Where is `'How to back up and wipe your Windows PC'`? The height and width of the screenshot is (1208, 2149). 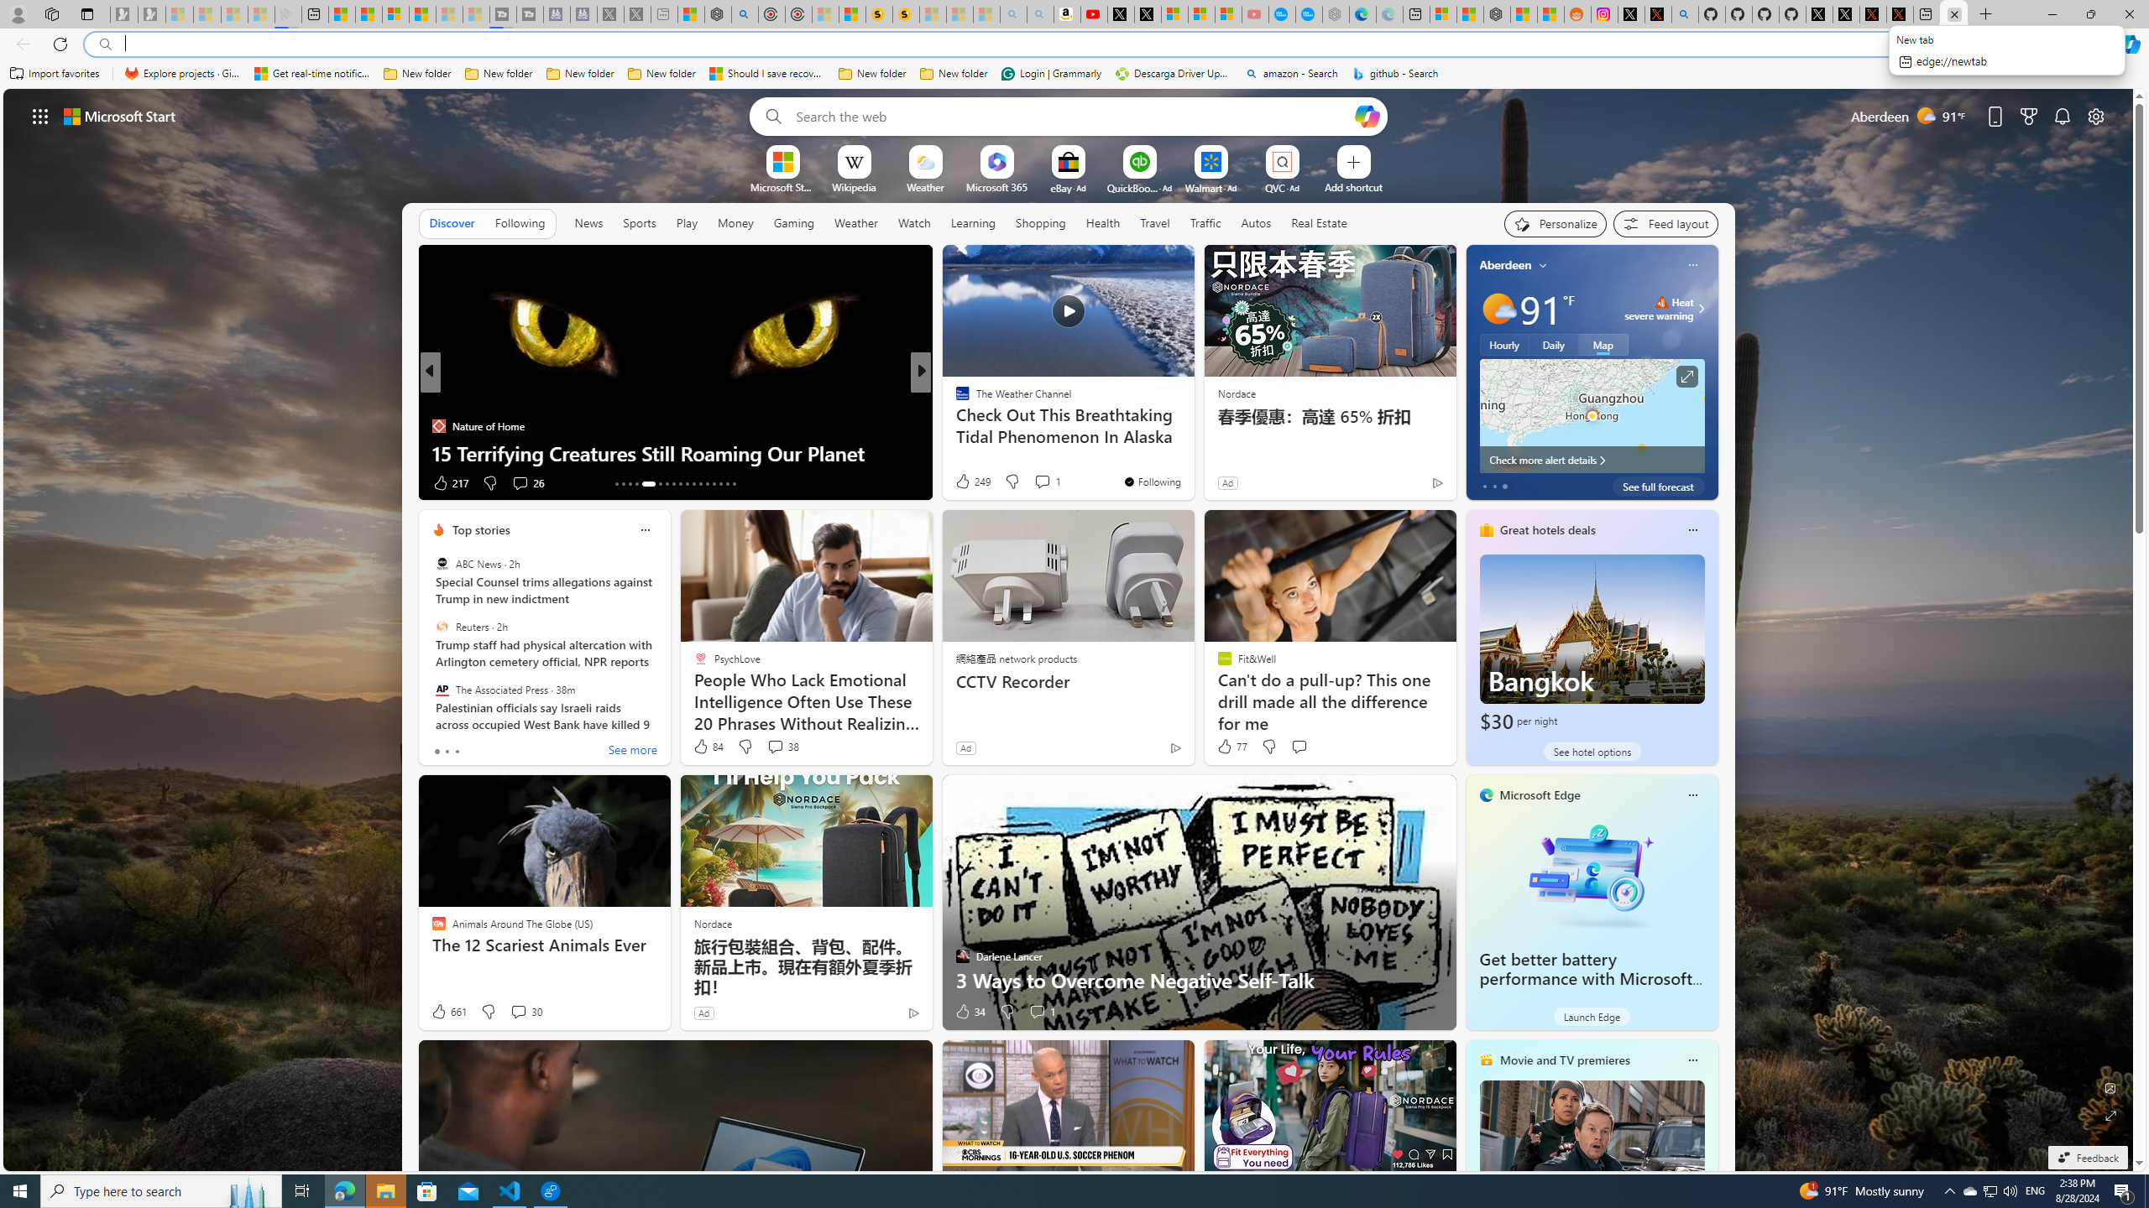 'How to back up and wipe your Windows PC' is located at coordinates (1190, 453).